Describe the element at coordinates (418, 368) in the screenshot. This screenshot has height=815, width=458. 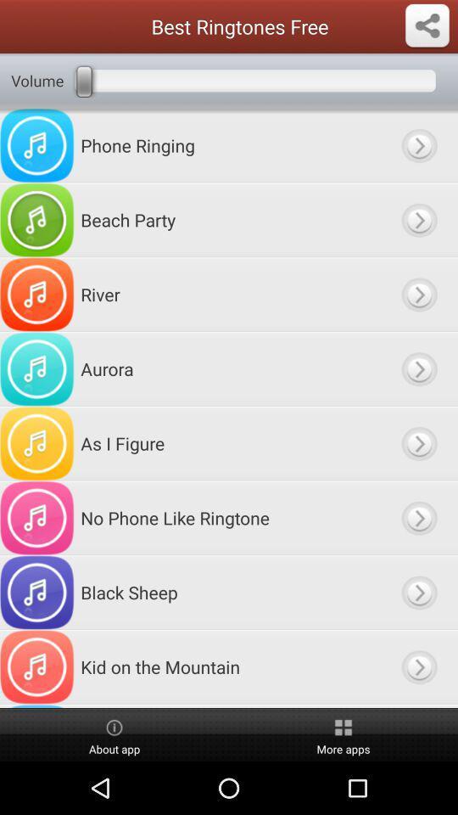
I see `selected ringtone` at that location.